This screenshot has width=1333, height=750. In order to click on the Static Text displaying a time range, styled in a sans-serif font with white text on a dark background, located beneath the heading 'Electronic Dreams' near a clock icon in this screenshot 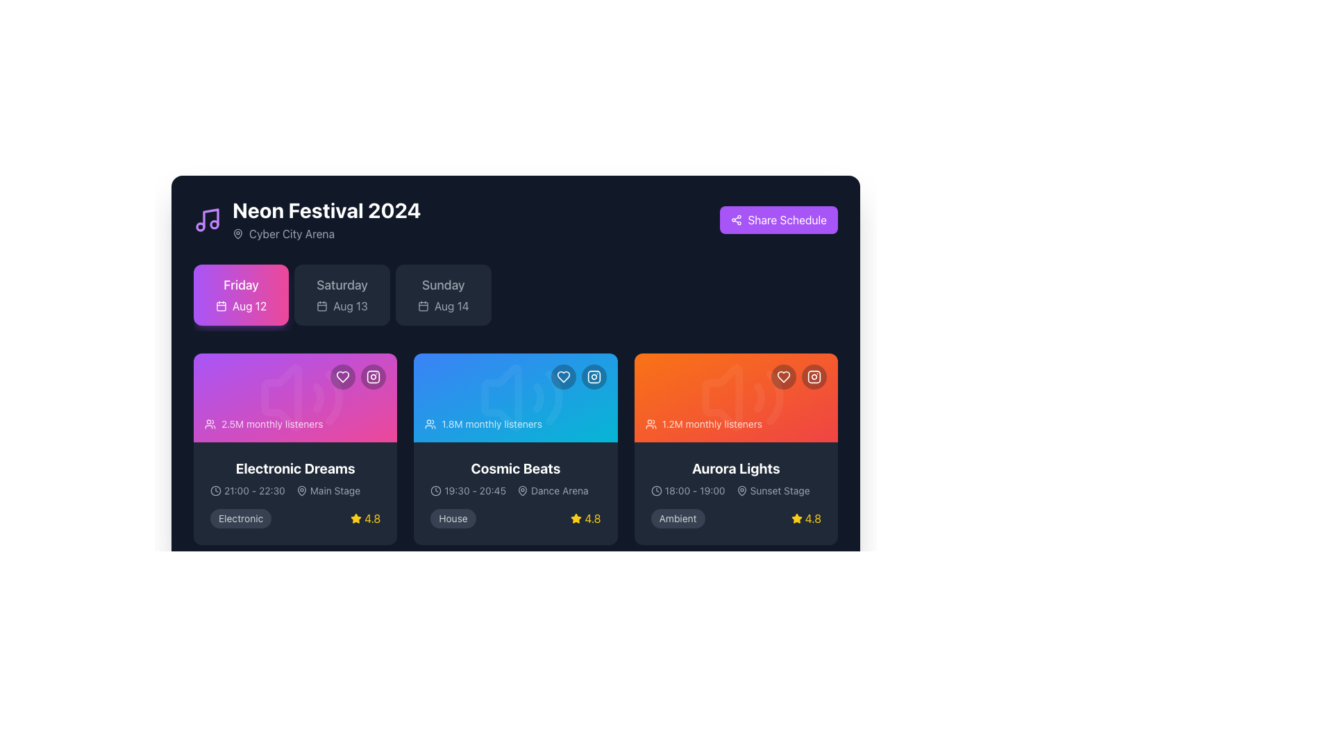, I will do `click(254, 490)`.